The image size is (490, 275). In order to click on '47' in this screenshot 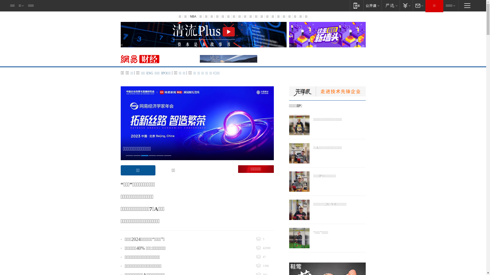, I will do `click(264, 257)`.